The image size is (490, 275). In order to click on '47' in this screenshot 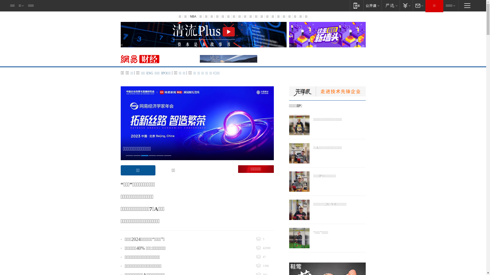, I will do `click(264, 257)`.